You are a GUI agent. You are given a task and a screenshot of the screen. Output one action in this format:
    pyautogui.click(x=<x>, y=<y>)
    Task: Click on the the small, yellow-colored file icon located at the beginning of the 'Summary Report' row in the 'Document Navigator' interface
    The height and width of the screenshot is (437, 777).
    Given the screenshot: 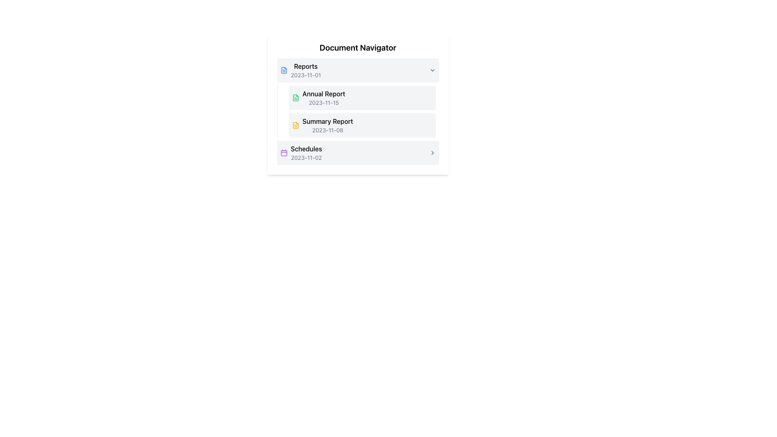 What is the action you would take?
    pyautogui.click(x=295, y=125)
    